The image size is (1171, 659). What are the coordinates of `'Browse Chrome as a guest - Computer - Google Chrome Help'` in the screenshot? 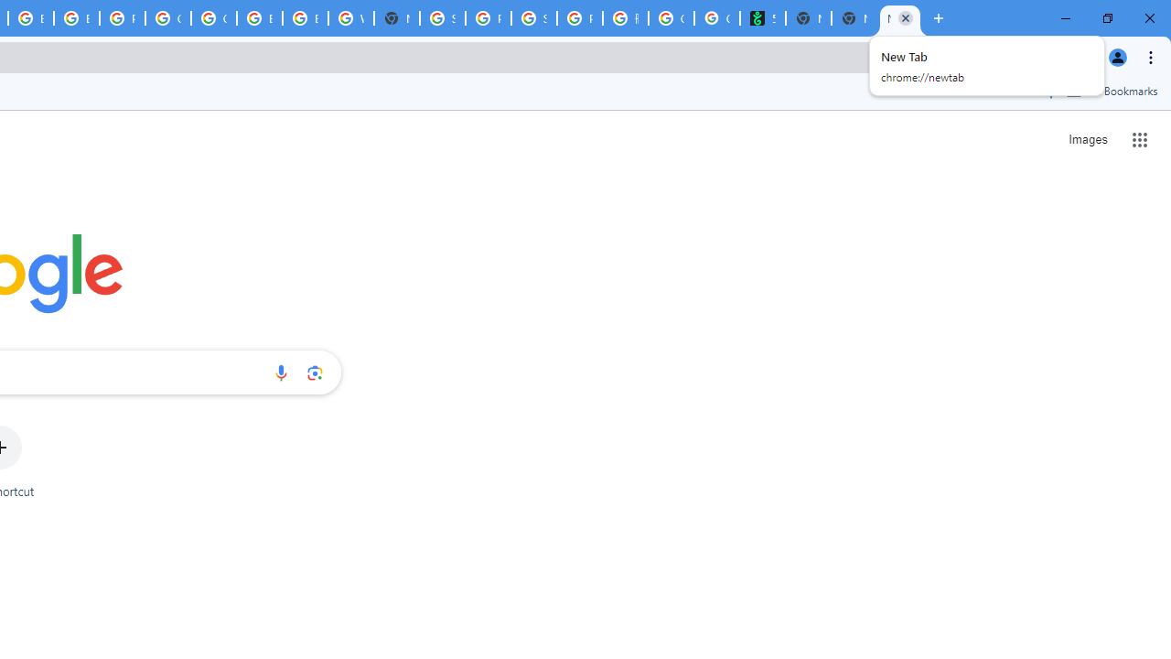 It's located at (306, 18).